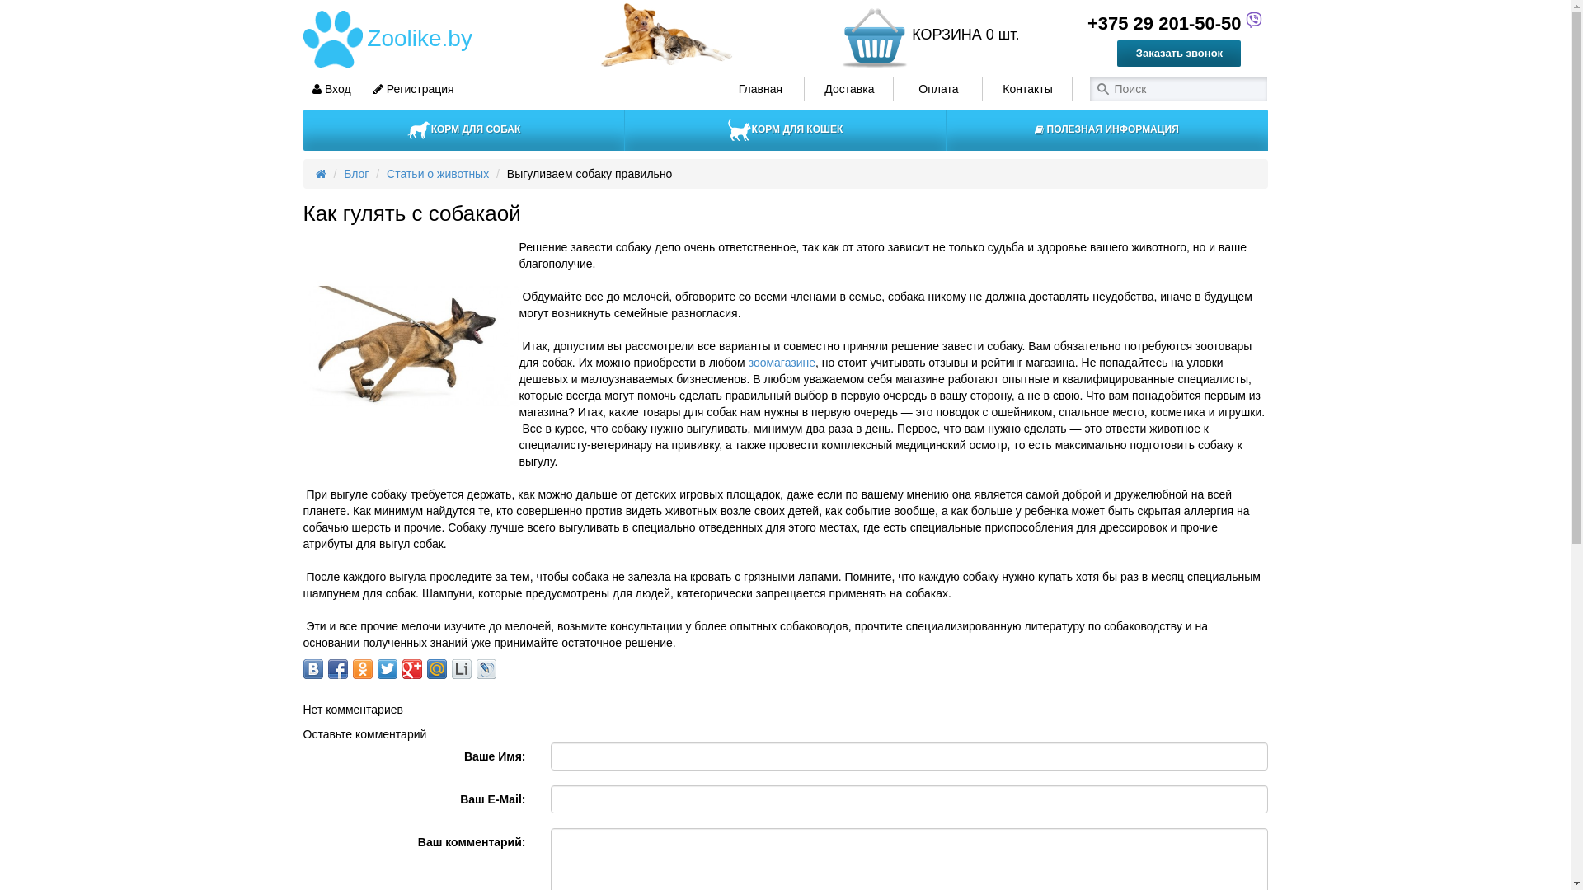  What do you see at coordinates (362, 37) in the screenshot?
I see `'Zoolike.by'` at bounding box center [362, 37].